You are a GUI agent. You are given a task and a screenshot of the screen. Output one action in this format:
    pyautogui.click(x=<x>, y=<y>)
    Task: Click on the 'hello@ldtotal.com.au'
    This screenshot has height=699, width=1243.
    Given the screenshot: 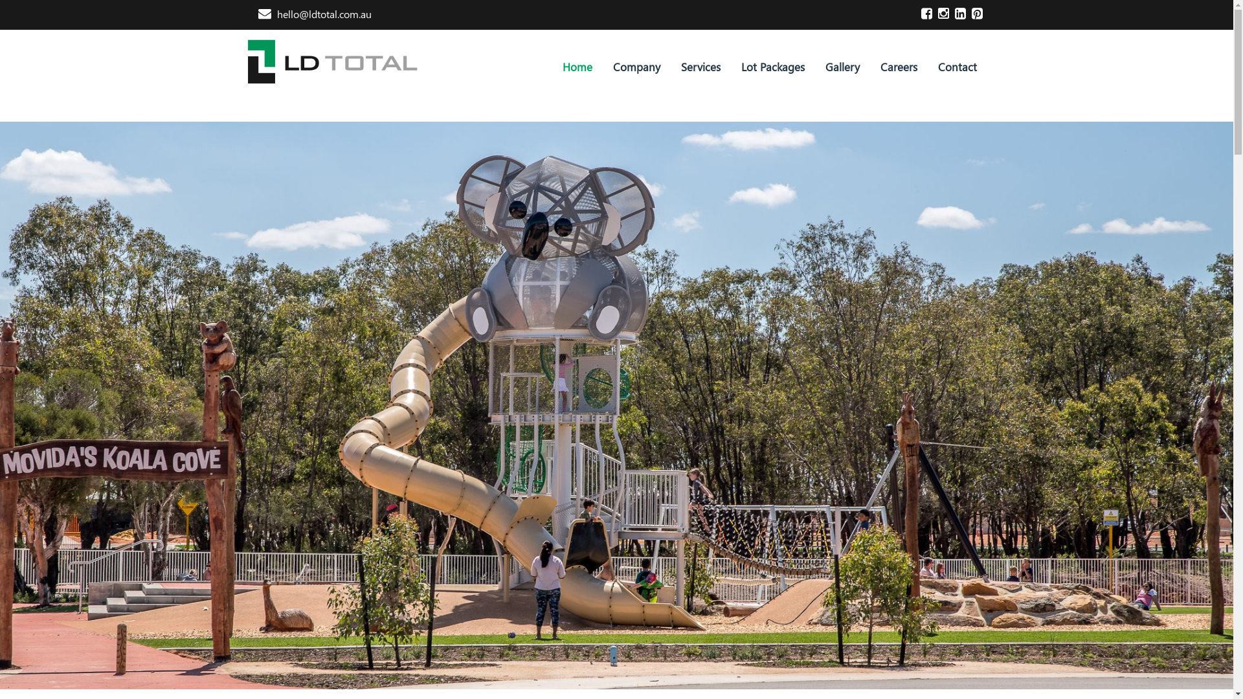 What is the action you would take?
    pyautogui.click(x=314, y=14)
    